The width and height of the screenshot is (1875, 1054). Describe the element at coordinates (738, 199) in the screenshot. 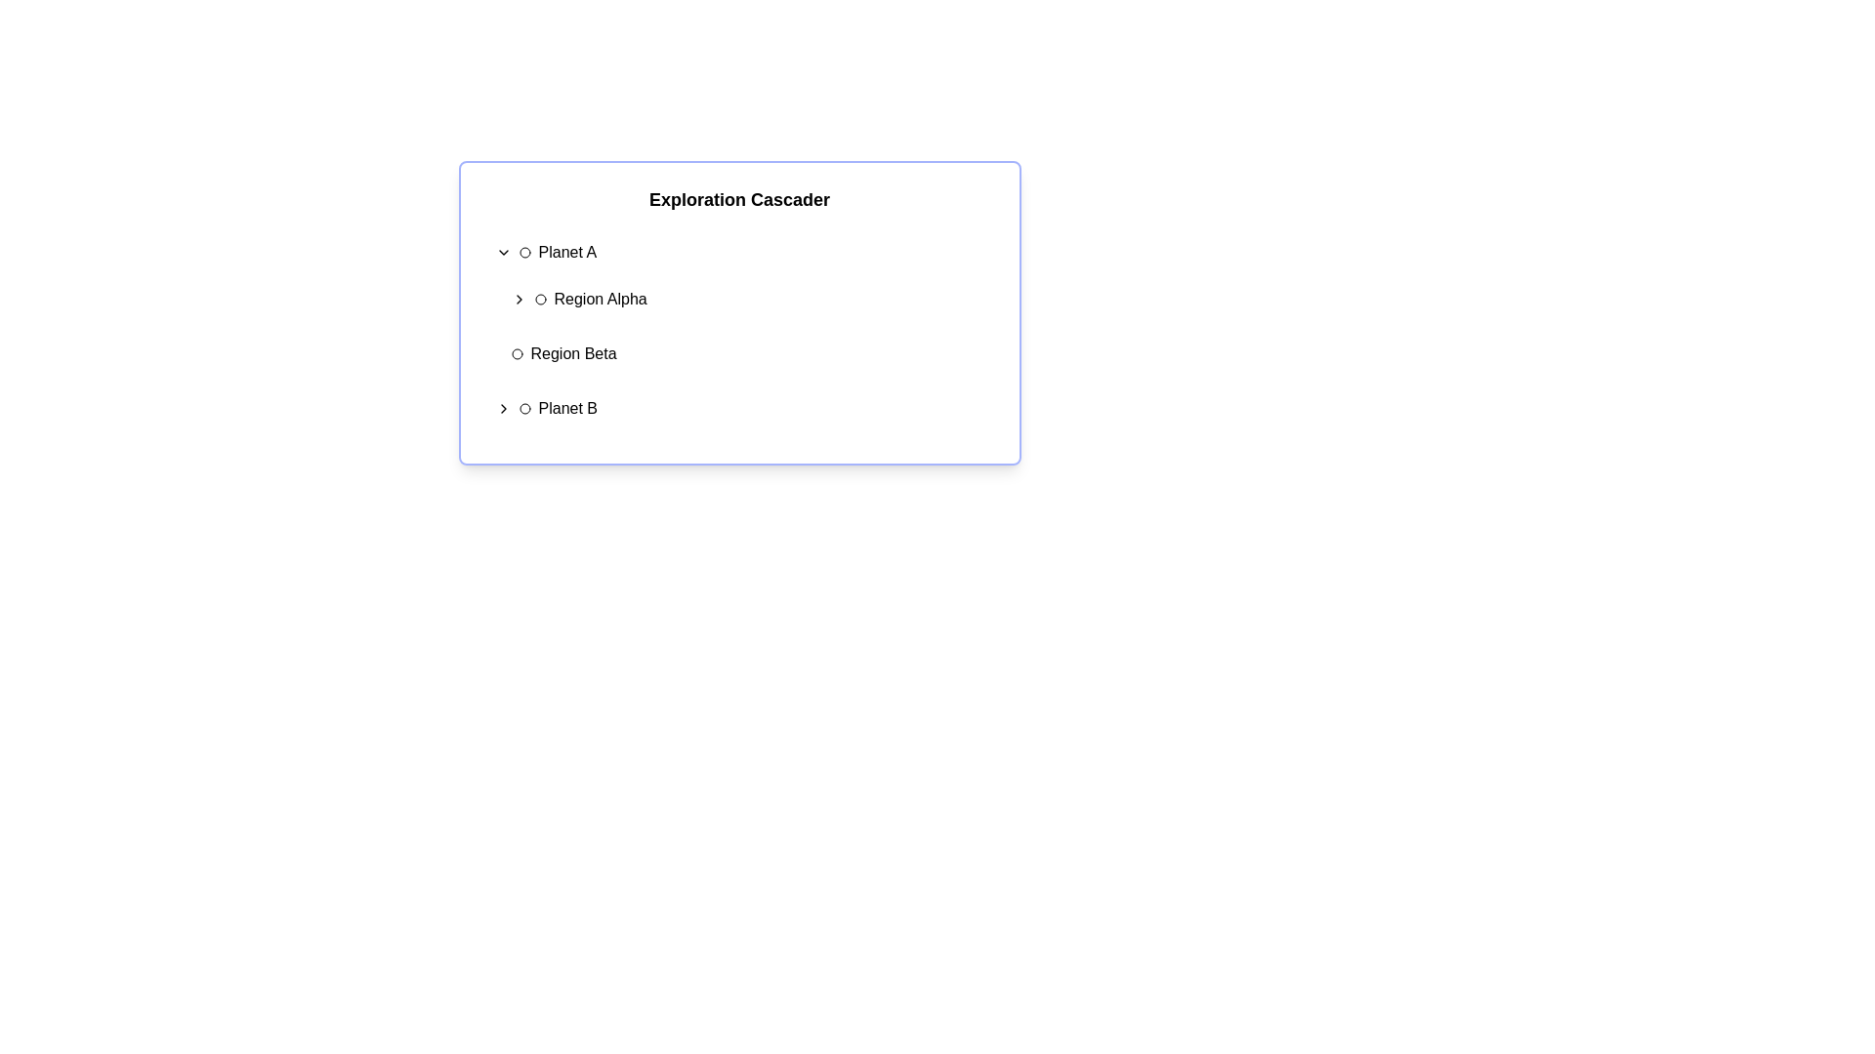

I see `the text heading 'Exploration Cascader', which is styled in bold and large font and located prominently at the top of its section` at that location.